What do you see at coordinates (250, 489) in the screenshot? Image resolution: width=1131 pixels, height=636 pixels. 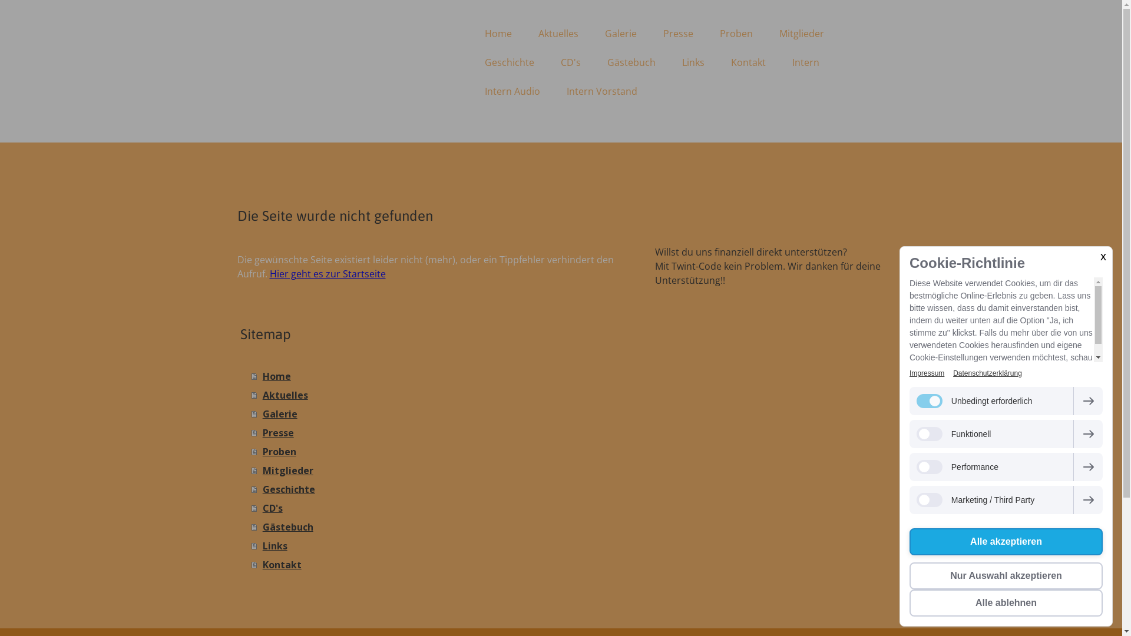 I see `'Geschichte'` at bounding box center [250, 489].